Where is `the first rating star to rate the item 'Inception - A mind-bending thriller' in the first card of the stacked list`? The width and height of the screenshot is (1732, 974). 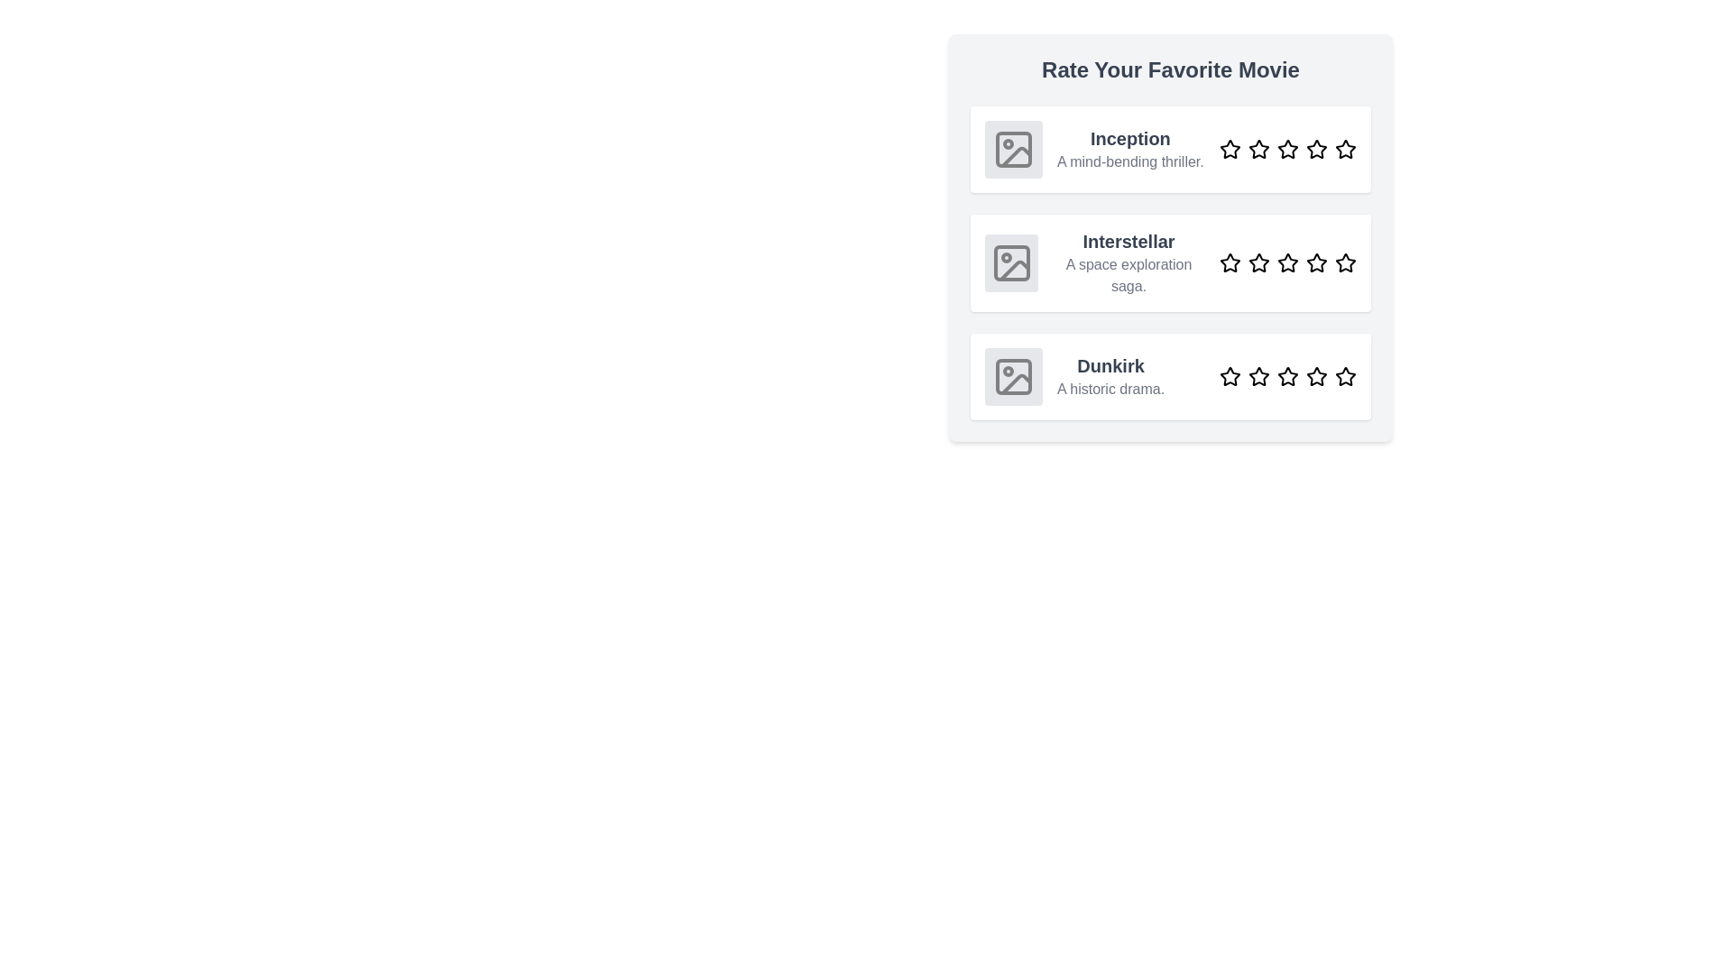 the first rating star to rate the item 'Inception - A mind-bending thriller' in the first card of the stacked list is located at coordinates (1229, 148).